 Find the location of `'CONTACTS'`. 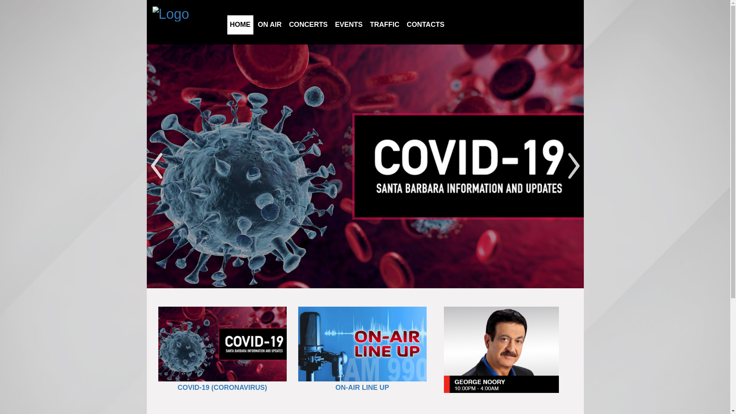

'CONTACTS' is located at coordinates (425, 24).